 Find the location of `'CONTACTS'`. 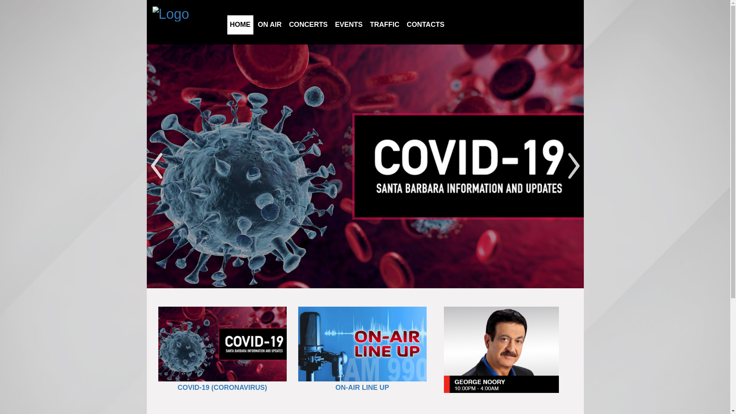

'CONTACTS' is located at coordinates (425, 24).